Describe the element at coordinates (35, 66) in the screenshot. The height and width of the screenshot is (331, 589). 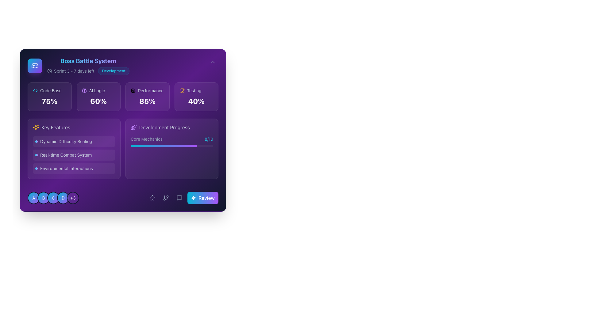
I see `the game controller icon, which is located near the top-left corner of the interface and adjacent to the title 'Boss Battle System'` at that location.